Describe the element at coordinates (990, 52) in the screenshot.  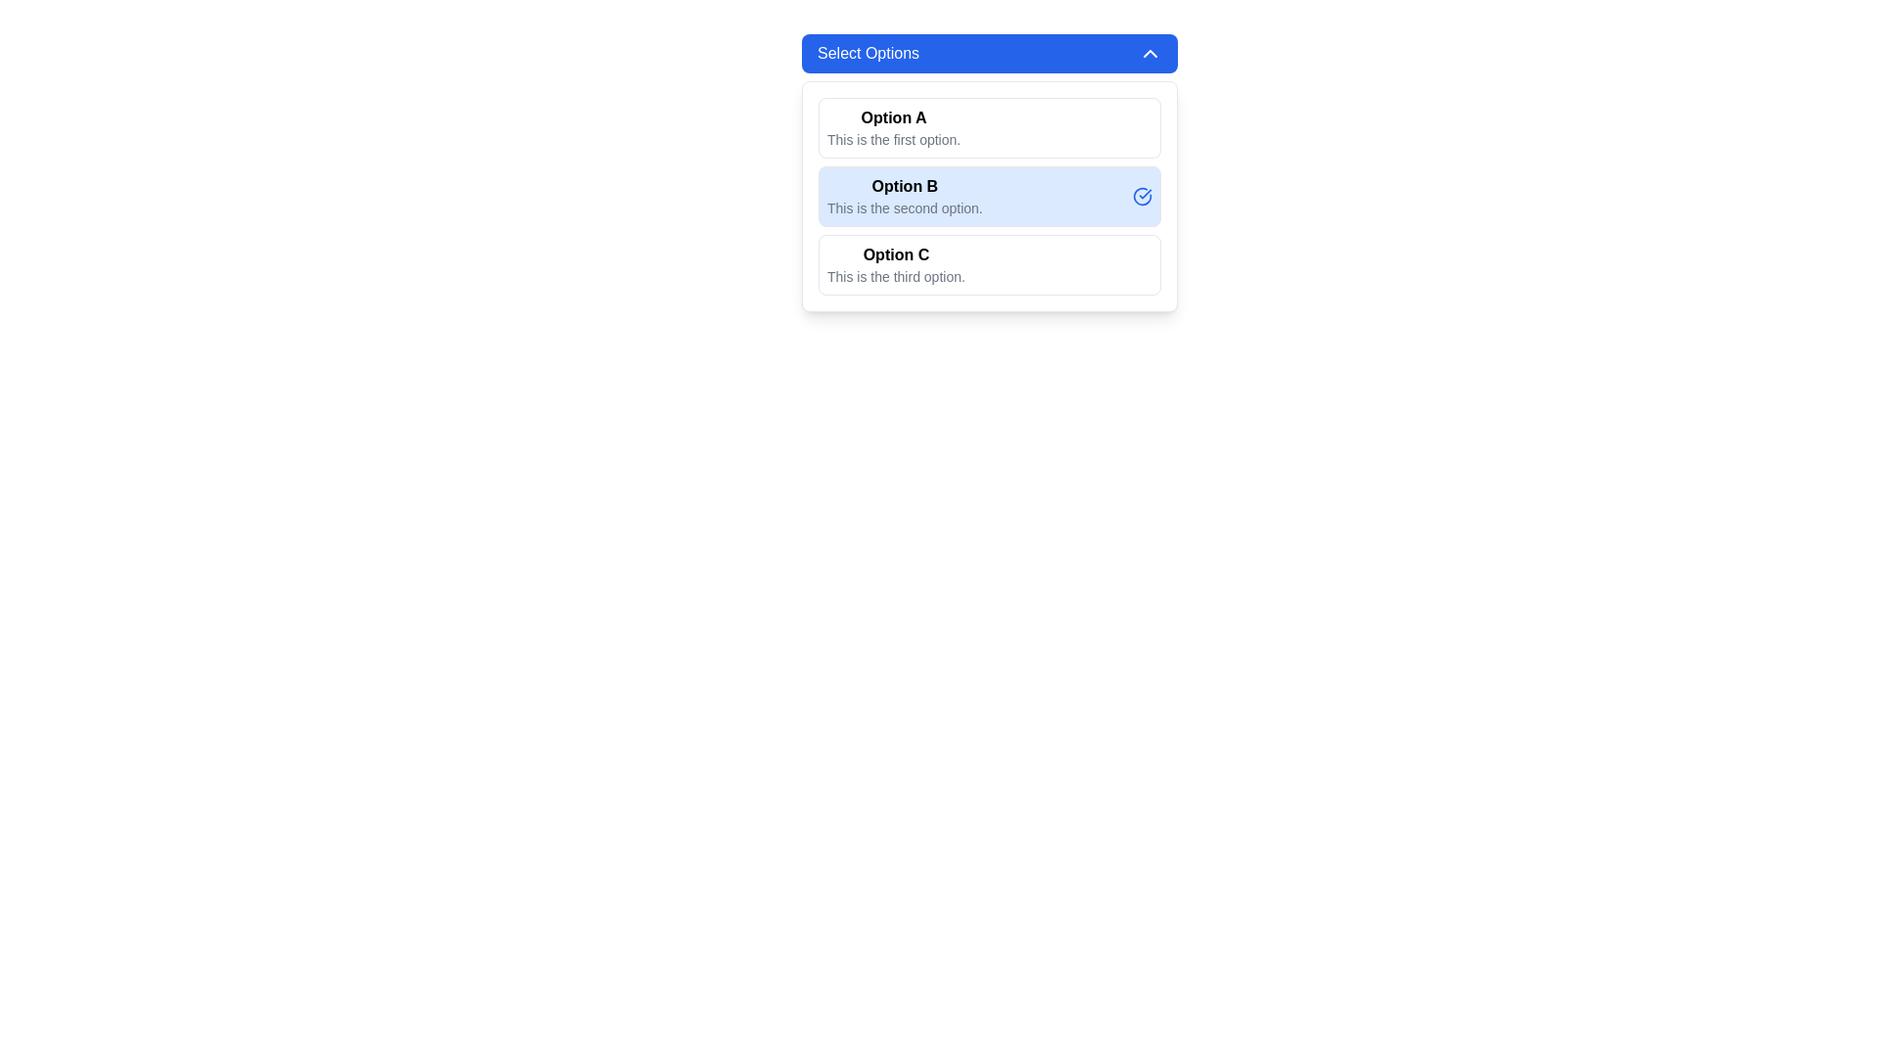
I see `the Dropdown toggle button located at the top of the dropdown structure` at that location.